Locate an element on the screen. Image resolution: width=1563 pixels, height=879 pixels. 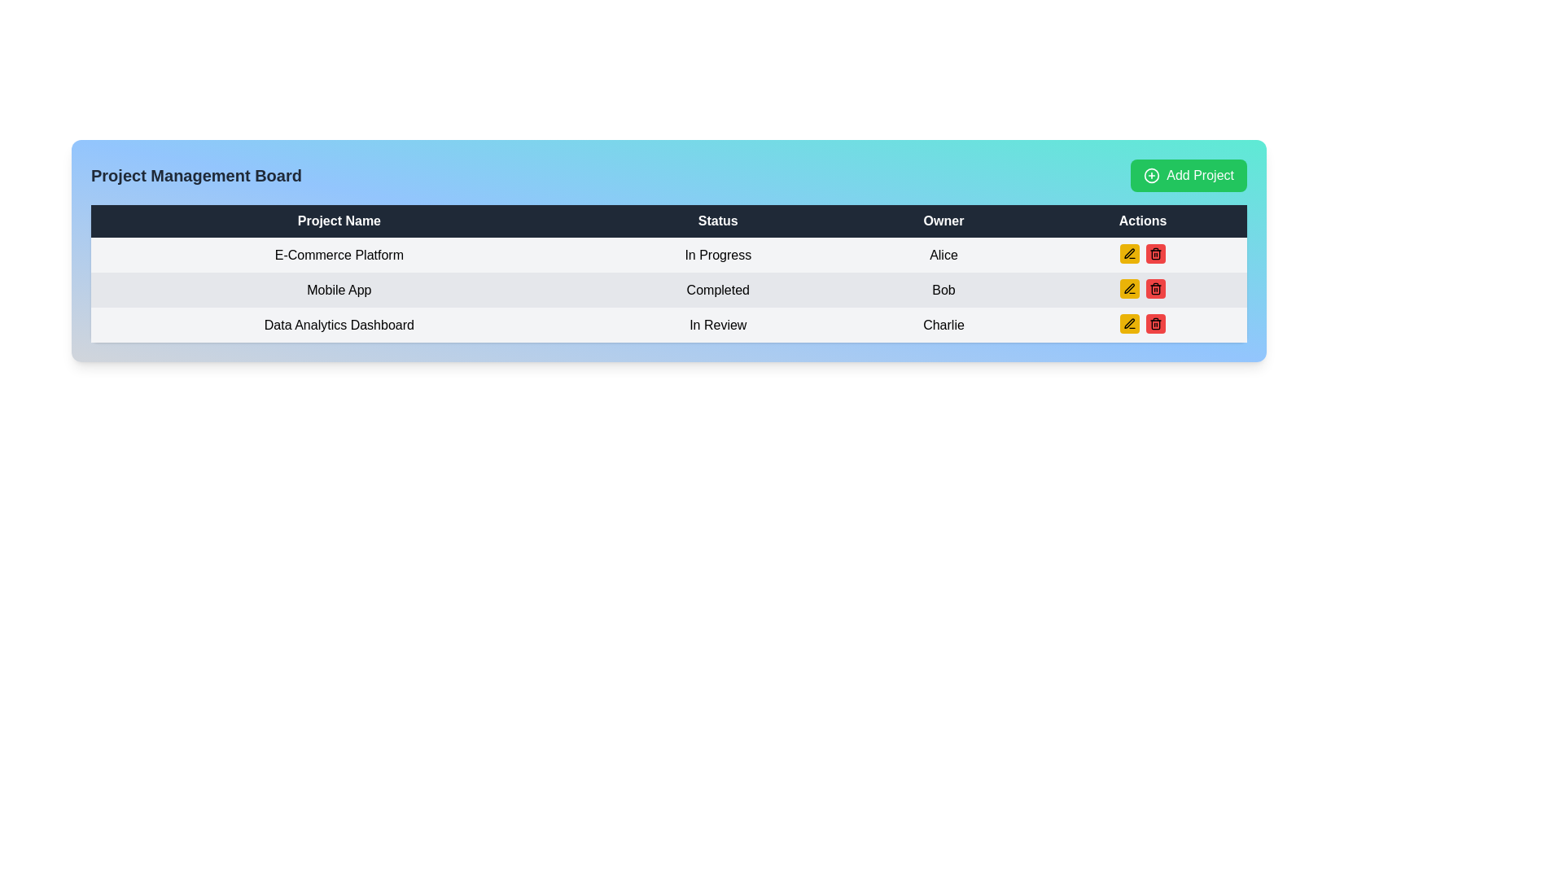
the edit icon button in the 'Actions' column of the 'Mobile App' row is located at coordinates (1128, 287).